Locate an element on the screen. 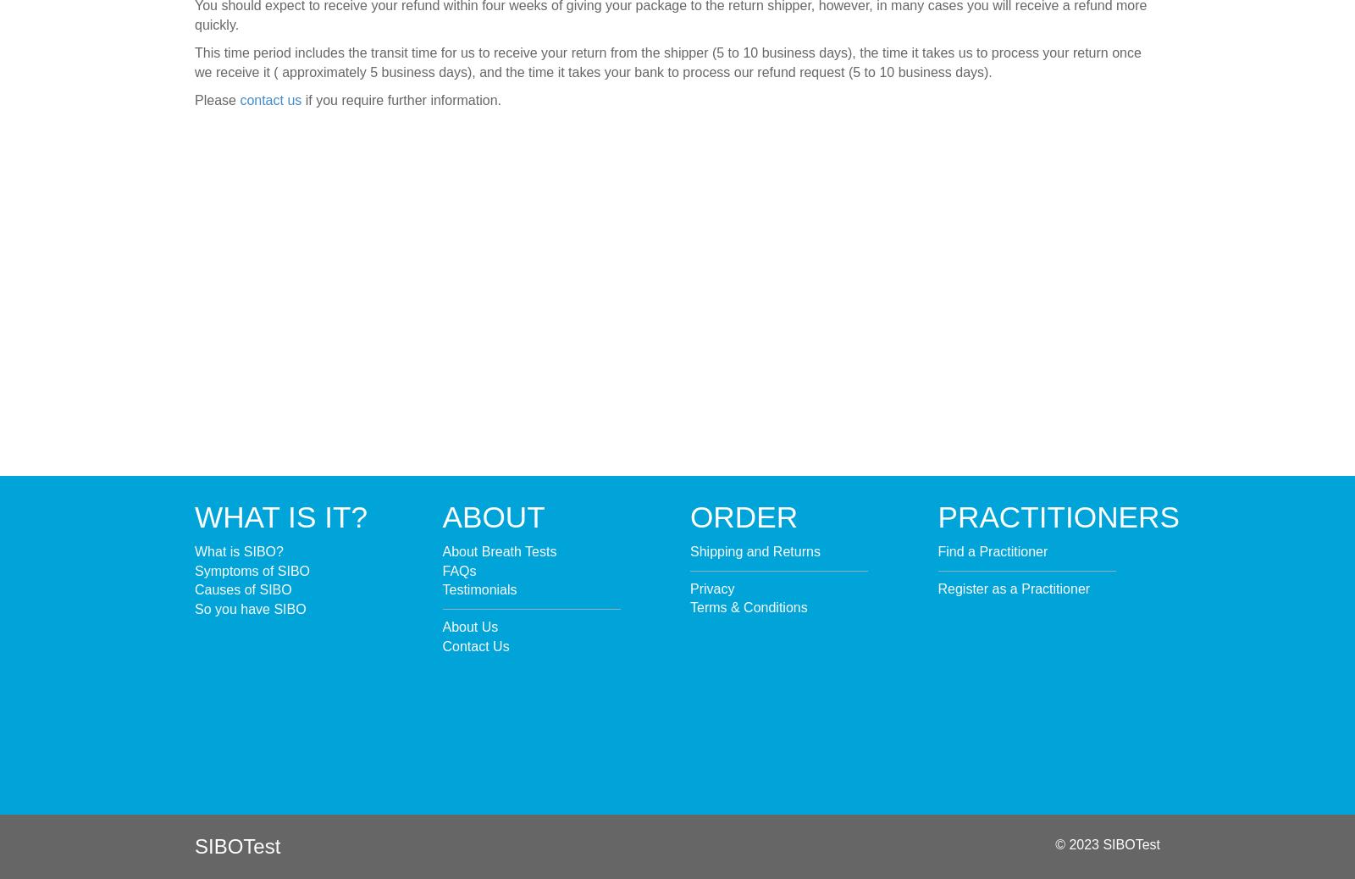 Image resolution: width=1355 pixels, height=879 pixels. 'Terms & Conditions' is located at coordinates (748, 606).